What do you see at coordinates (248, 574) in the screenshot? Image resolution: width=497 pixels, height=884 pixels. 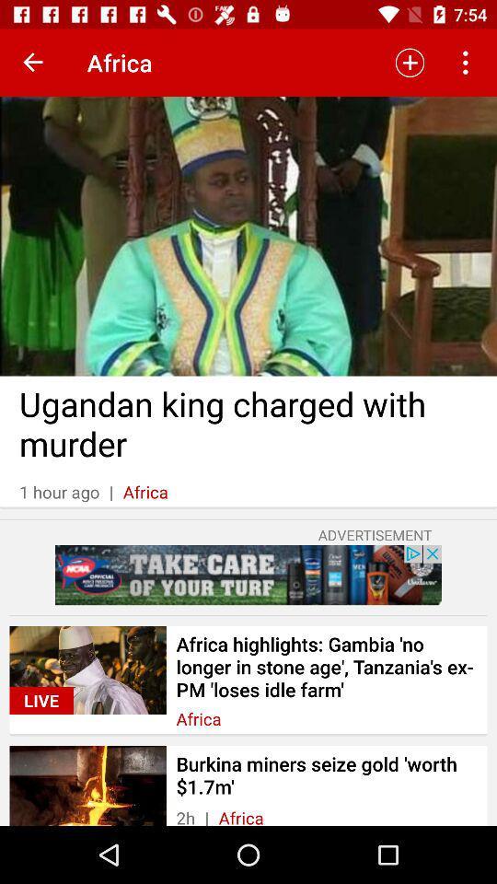 I see `adverdisment button` at bounding box center [248, 574].